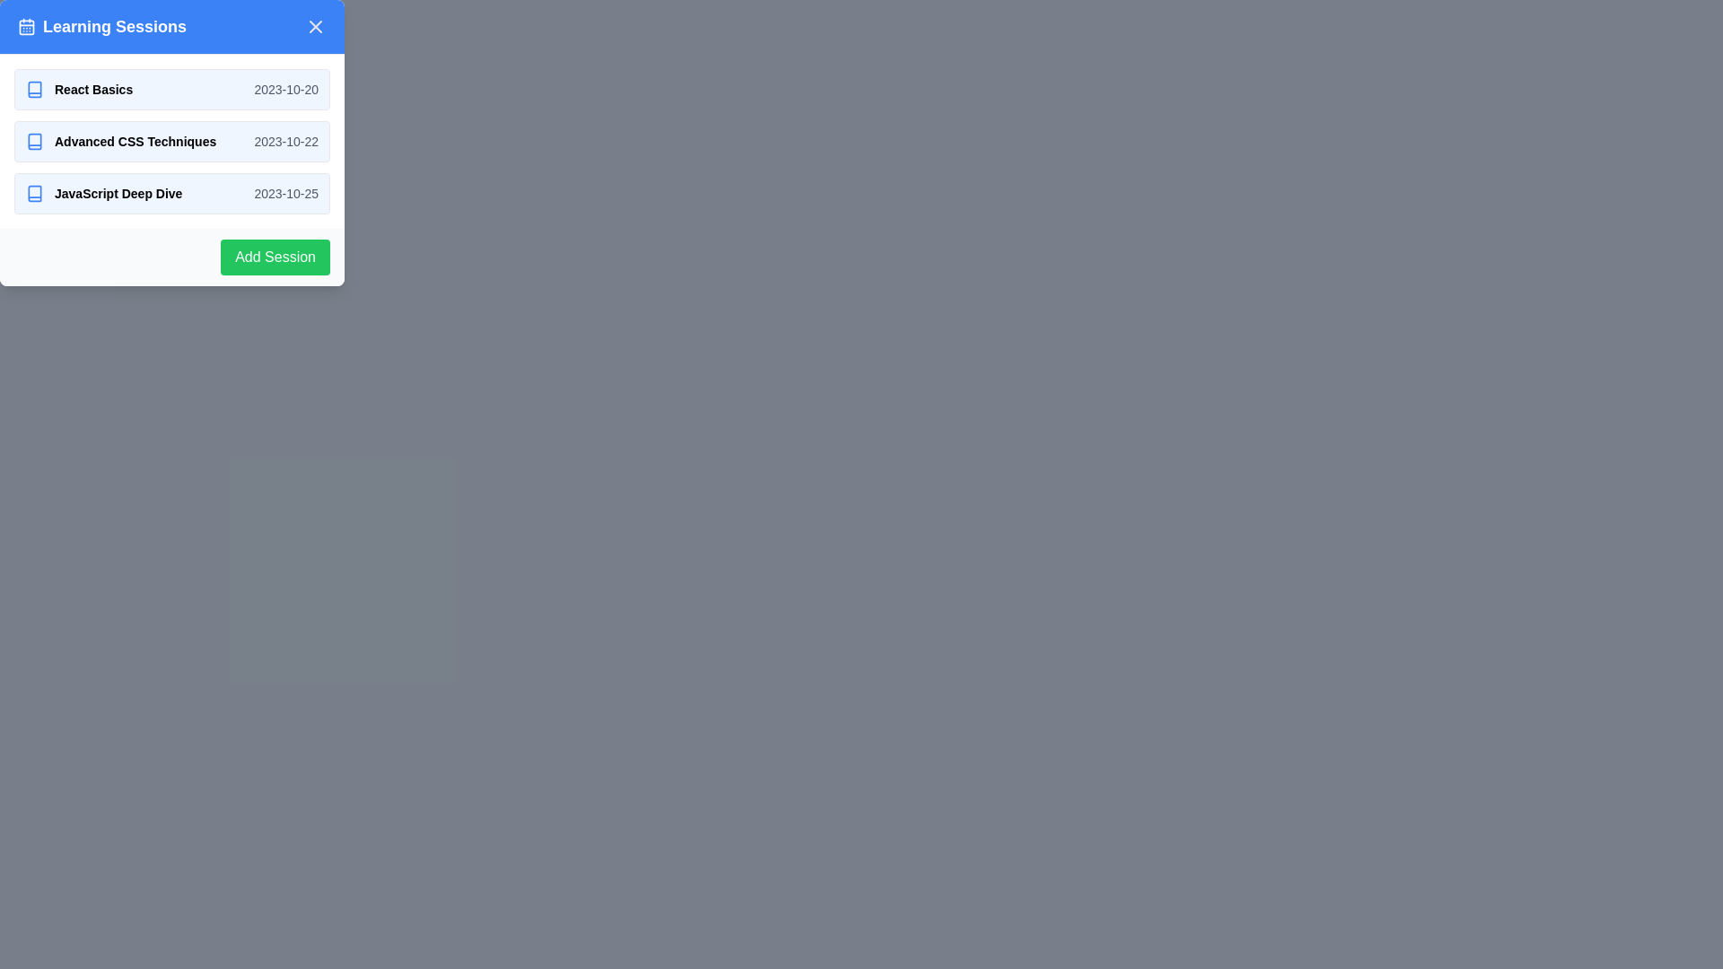 This screenshot has height=969, width=1723. Describe the element at coordinates (26, 27) in the screenshot. I see `the rounded rectangle element located within the calendar icon, characterized by gray borders and a slight internal shadow effect` at that location.